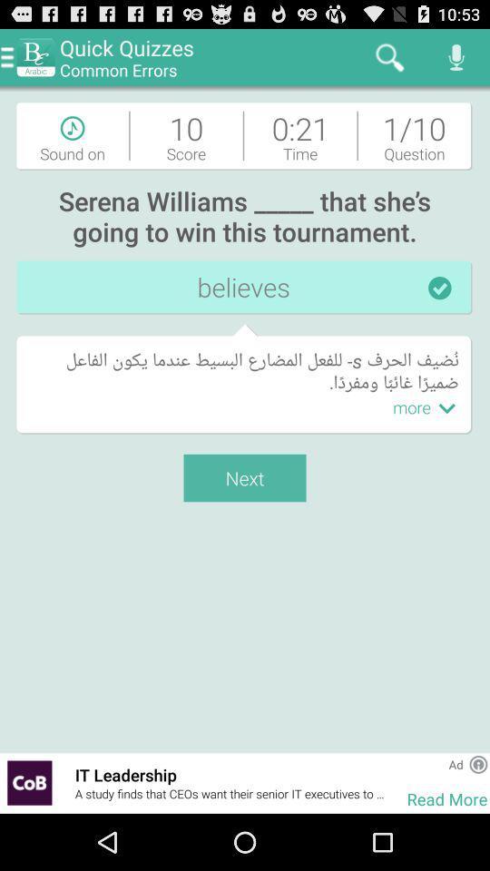  I want to click on app above read more item, so click(455, 763).